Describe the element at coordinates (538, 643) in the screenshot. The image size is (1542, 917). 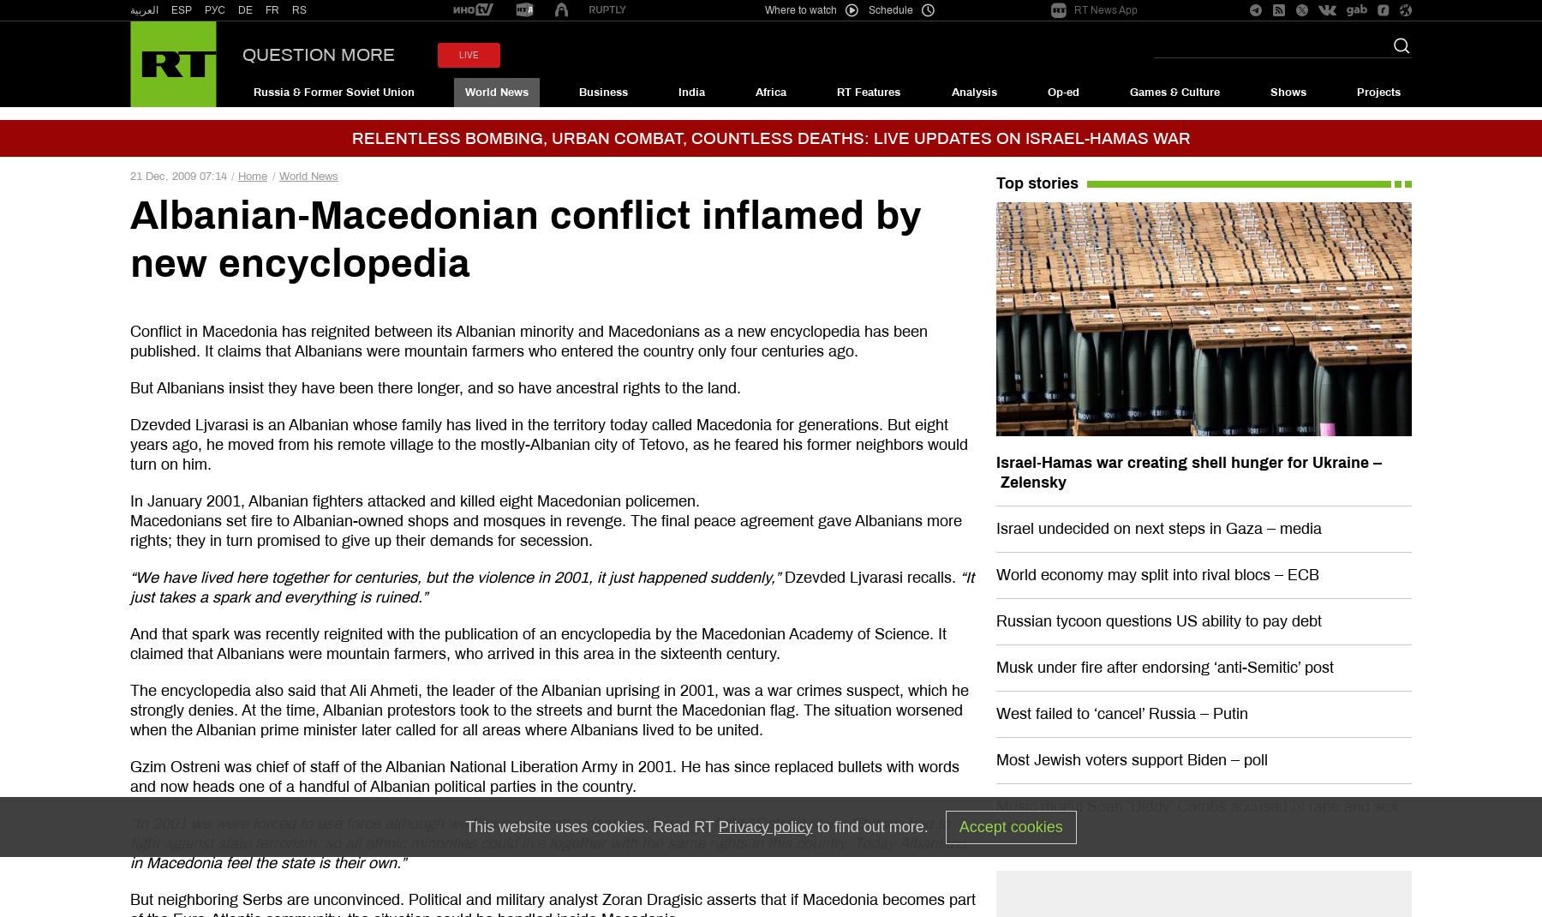
I see `'And that spark was recently reignited with the publication of an encyclopedia by the Macedonian Academy of Science. It claimed that Albanians were mountain farmers, who arrived in this area in the sixteenth century.'` at that location.